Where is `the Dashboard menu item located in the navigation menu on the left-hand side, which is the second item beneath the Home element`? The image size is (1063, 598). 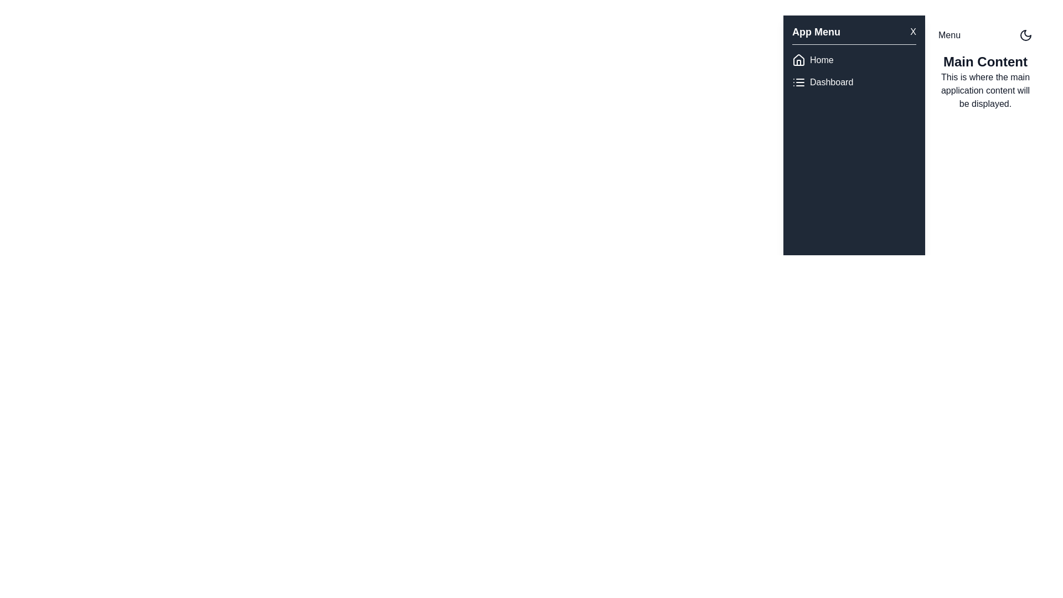 the Dashboard menu item located in the navigation menu on the left-hand side, which is the second item beneath the Home element is located at coordinates (853, 82).